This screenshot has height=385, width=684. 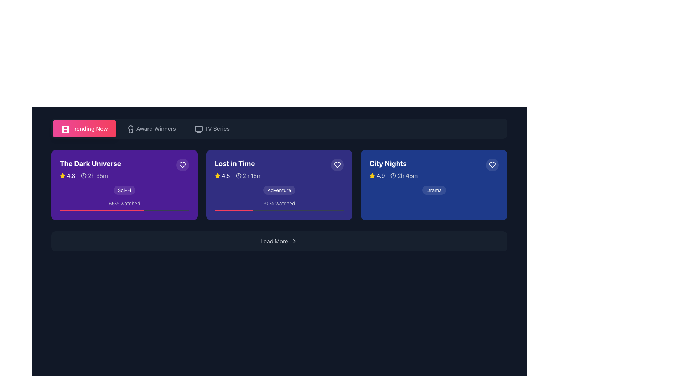 I want to click on the movie card titled 'The Dark Universe' with a purple background, featuring a star rating of 4.8, a duration of 2h 35m, and a genre label 'Sci-Fi' in the middle, so click(x=124, y=185).